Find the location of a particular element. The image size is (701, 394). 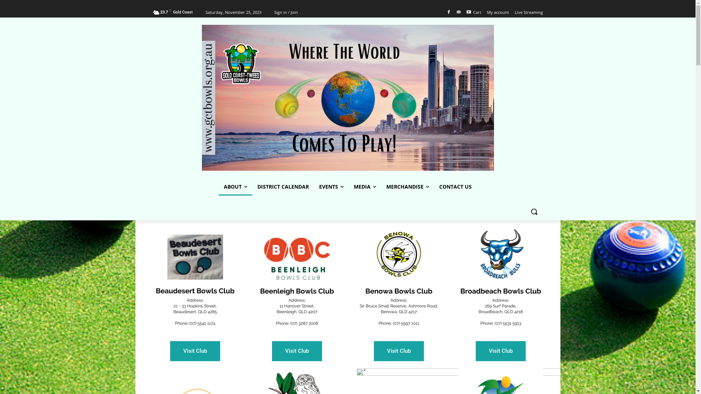

'www.gctbowls.org.au' is located at coordinates (347, 97).